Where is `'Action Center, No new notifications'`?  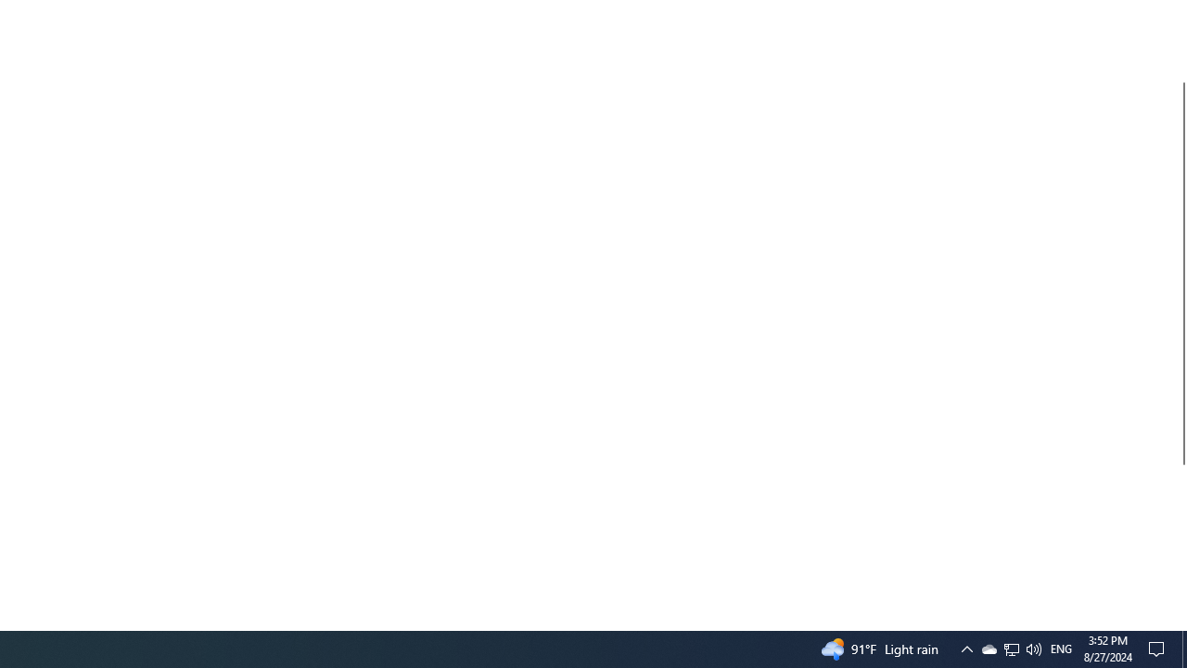
'Action Center, No new notifications' is located at coordinates (1159, 648).